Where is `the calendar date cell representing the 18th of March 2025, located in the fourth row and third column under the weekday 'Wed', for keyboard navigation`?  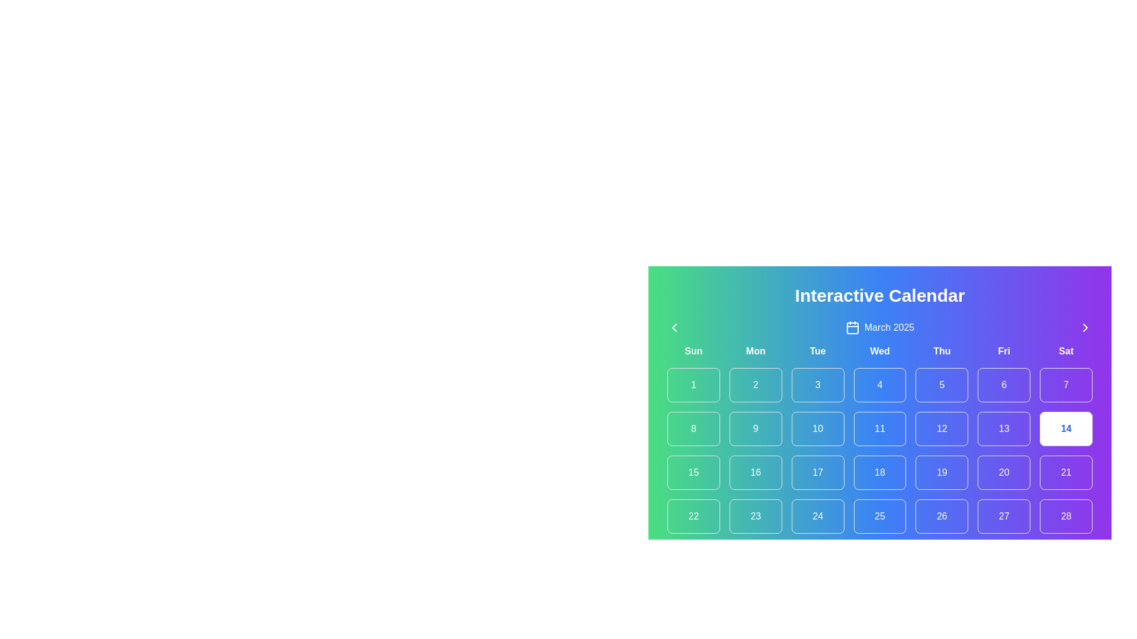
the calendar date cell representing the 18th of March 2025, located in the fourth row and third column under the weekday 'Wed', for keyboard navigation is located at coordinates (880, 460).